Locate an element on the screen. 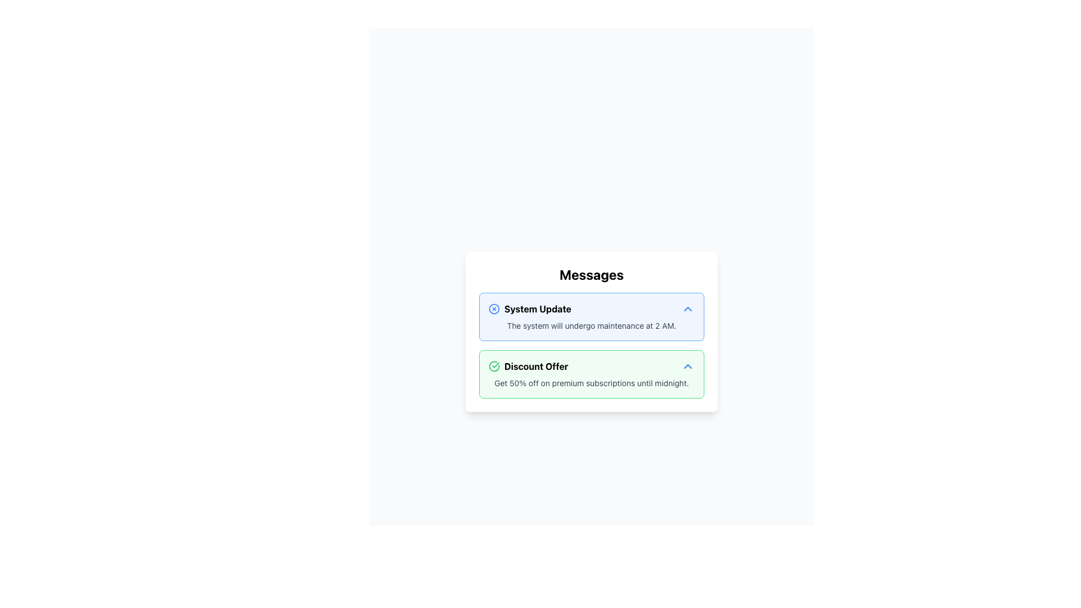  the upward-pointing blue chevron icon located at the far-right of the 'Discount Offer' section to possibly see a tooltip is located at coordinates (687, 366).